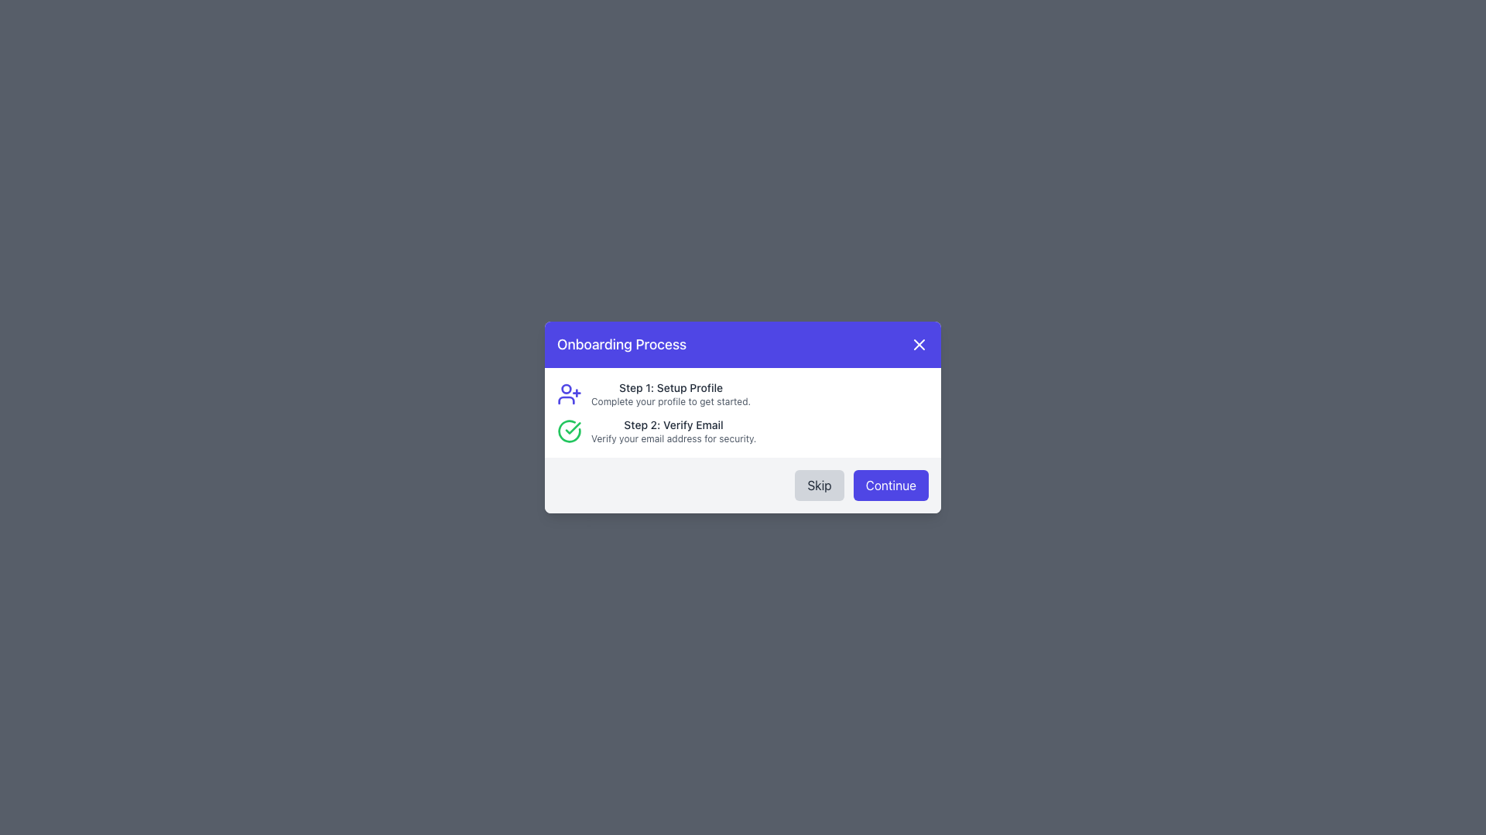 This screenshot has width=1486, height=835. I want to click on the close button located in the top-right corner of the 'Onboarding Process' dialog header, so click(919, 344).